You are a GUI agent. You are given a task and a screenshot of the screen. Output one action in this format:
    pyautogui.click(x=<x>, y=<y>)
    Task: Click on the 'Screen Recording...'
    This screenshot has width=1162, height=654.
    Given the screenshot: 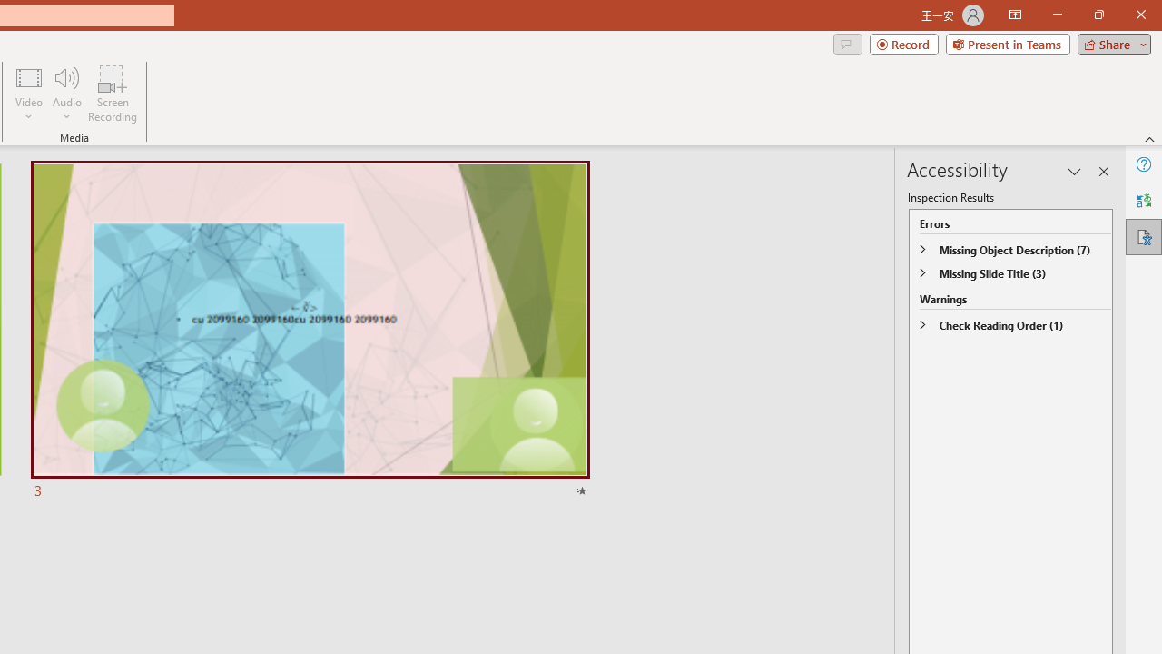 What is the action you would take?
    pyautogui.click(x=112, y=94)
    